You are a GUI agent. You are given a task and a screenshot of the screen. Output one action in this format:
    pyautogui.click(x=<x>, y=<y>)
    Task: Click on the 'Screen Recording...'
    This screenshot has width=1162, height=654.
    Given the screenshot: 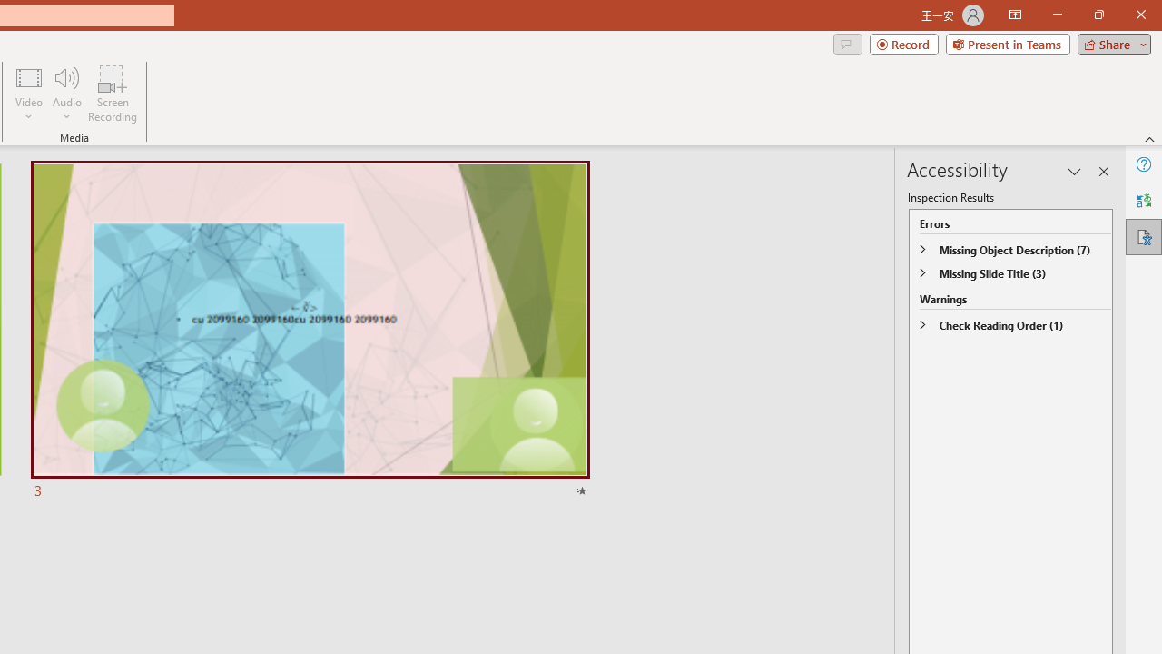 What is the action you would take?
    pyautogui.click(x=112, y=94)
    